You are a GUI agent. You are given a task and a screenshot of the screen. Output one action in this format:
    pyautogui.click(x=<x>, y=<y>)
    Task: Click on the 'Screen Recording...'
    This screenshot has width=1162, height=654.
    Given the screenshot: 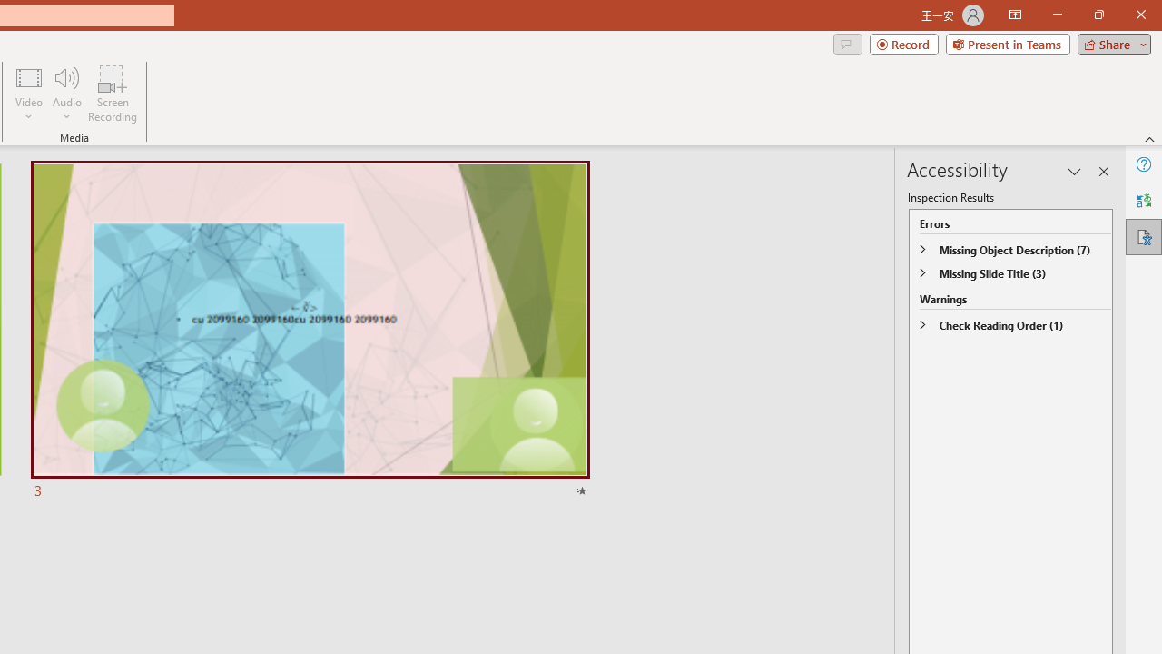 What is the action you would take?
    pyautogui.click(x=112, y=94)
    